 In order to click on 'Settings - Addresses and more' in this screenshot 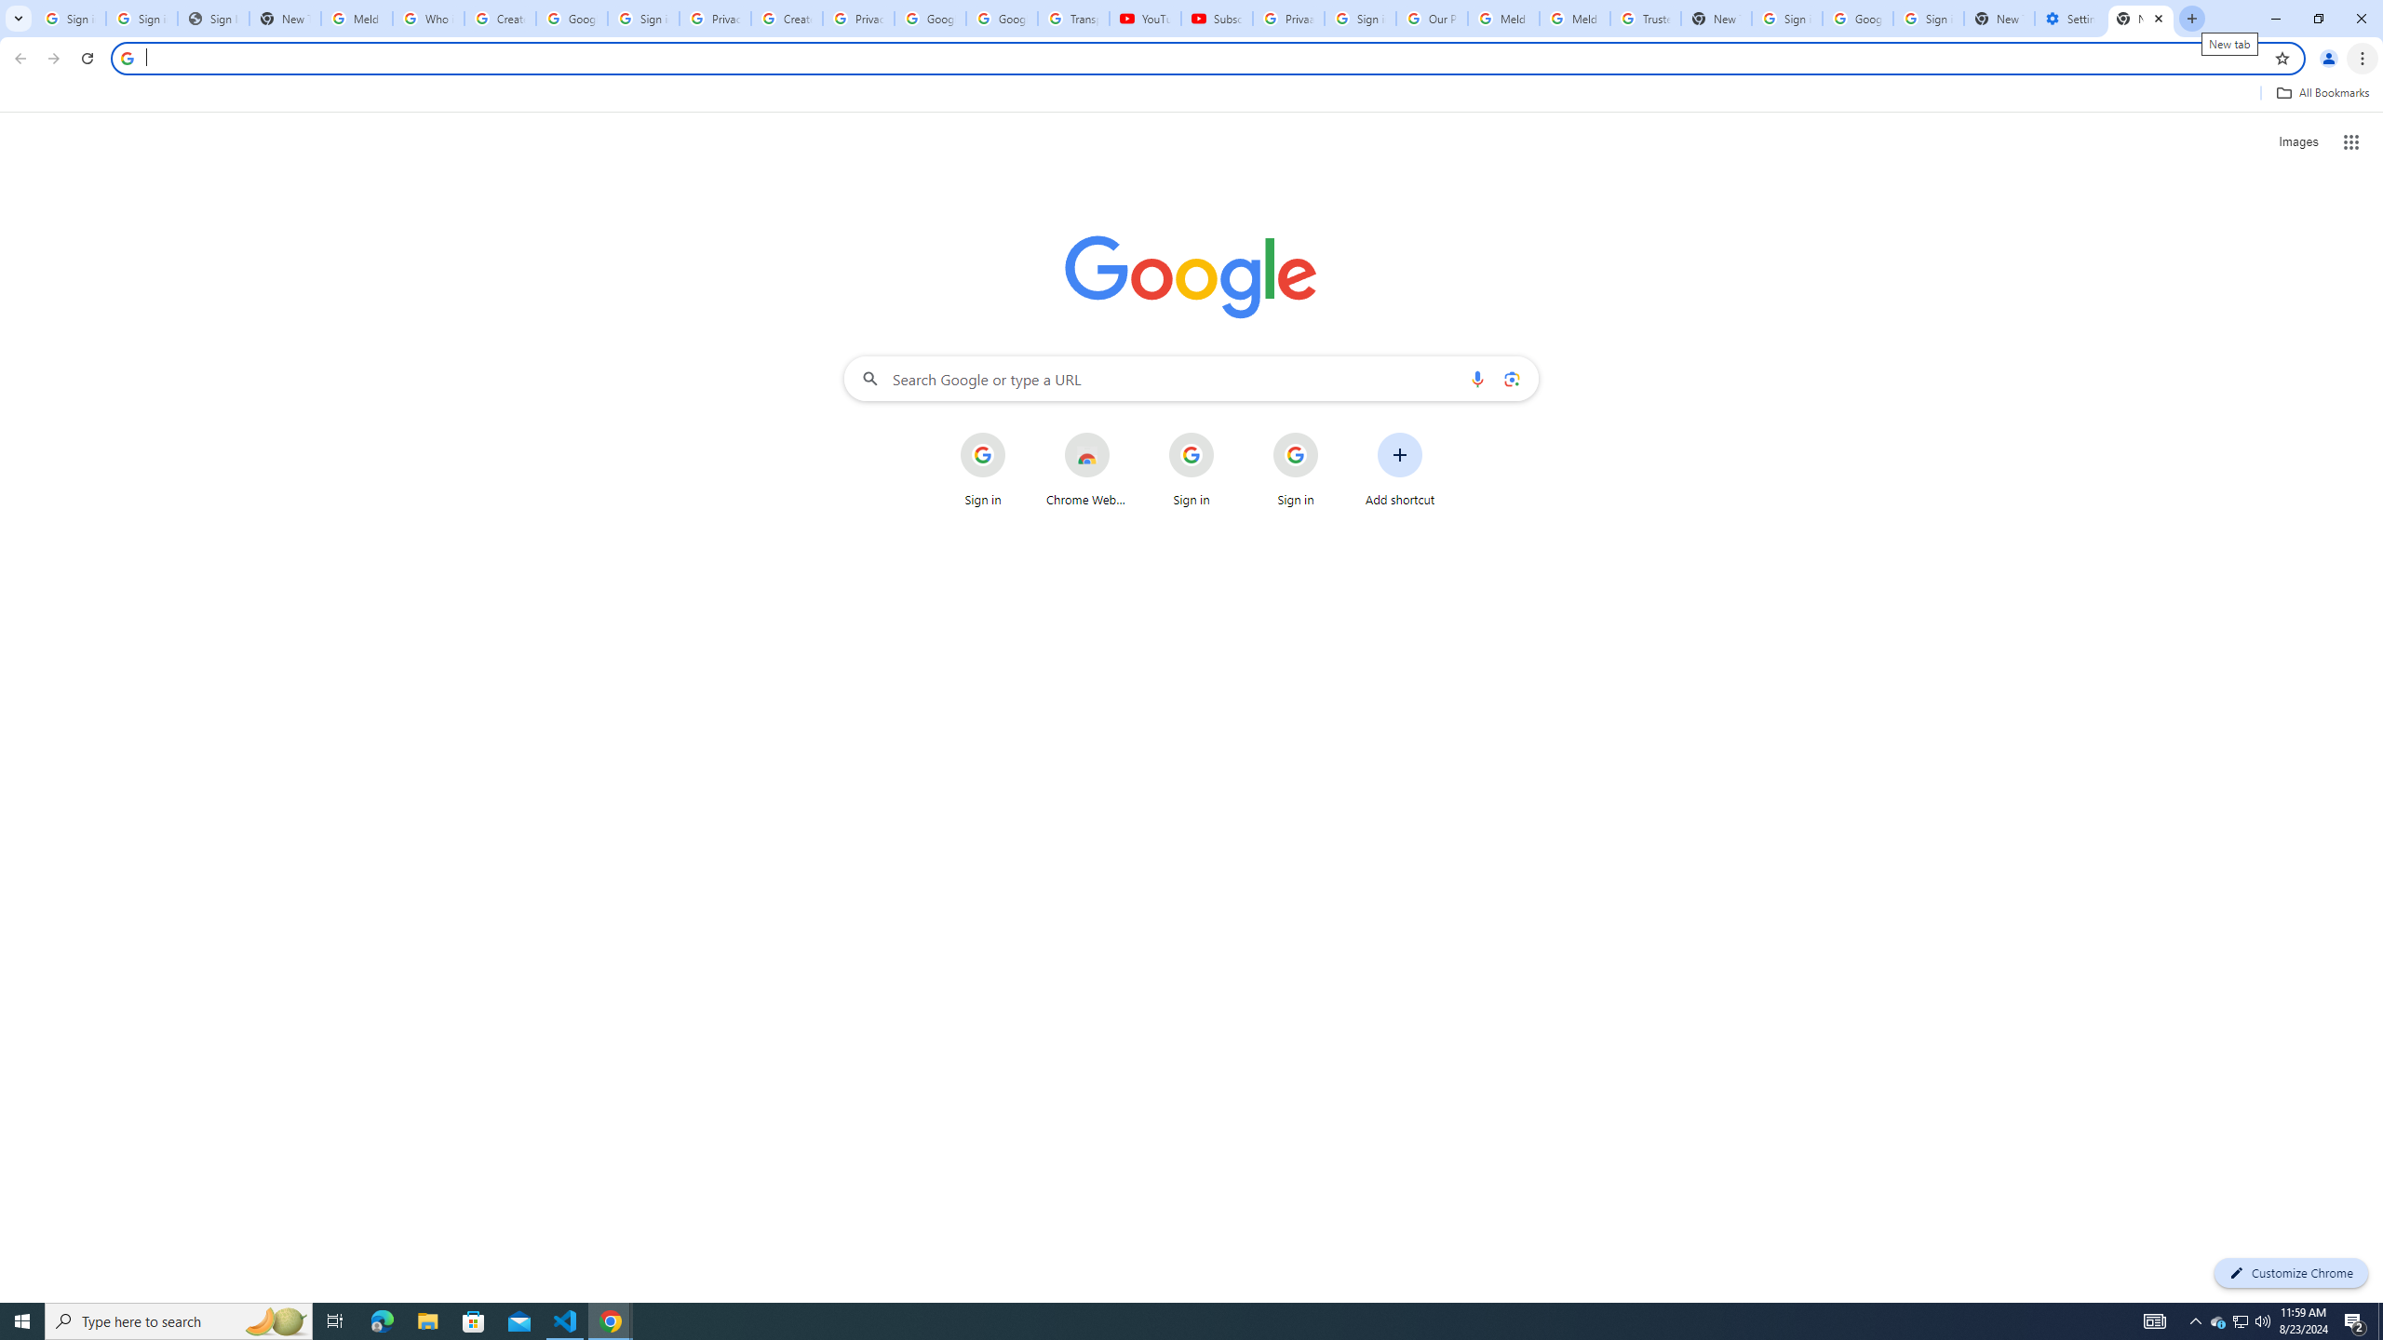, I will do `click(2068, 18)`.